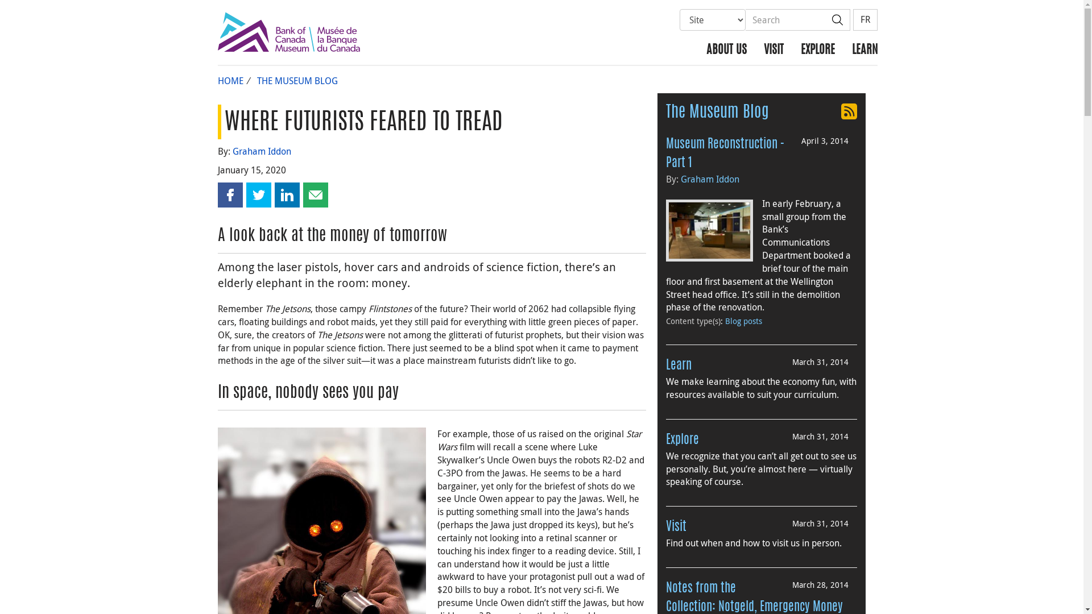  Describe the element at coordinates (725, 48) in the screenshot. I see `'ABOUT US'` at that location.